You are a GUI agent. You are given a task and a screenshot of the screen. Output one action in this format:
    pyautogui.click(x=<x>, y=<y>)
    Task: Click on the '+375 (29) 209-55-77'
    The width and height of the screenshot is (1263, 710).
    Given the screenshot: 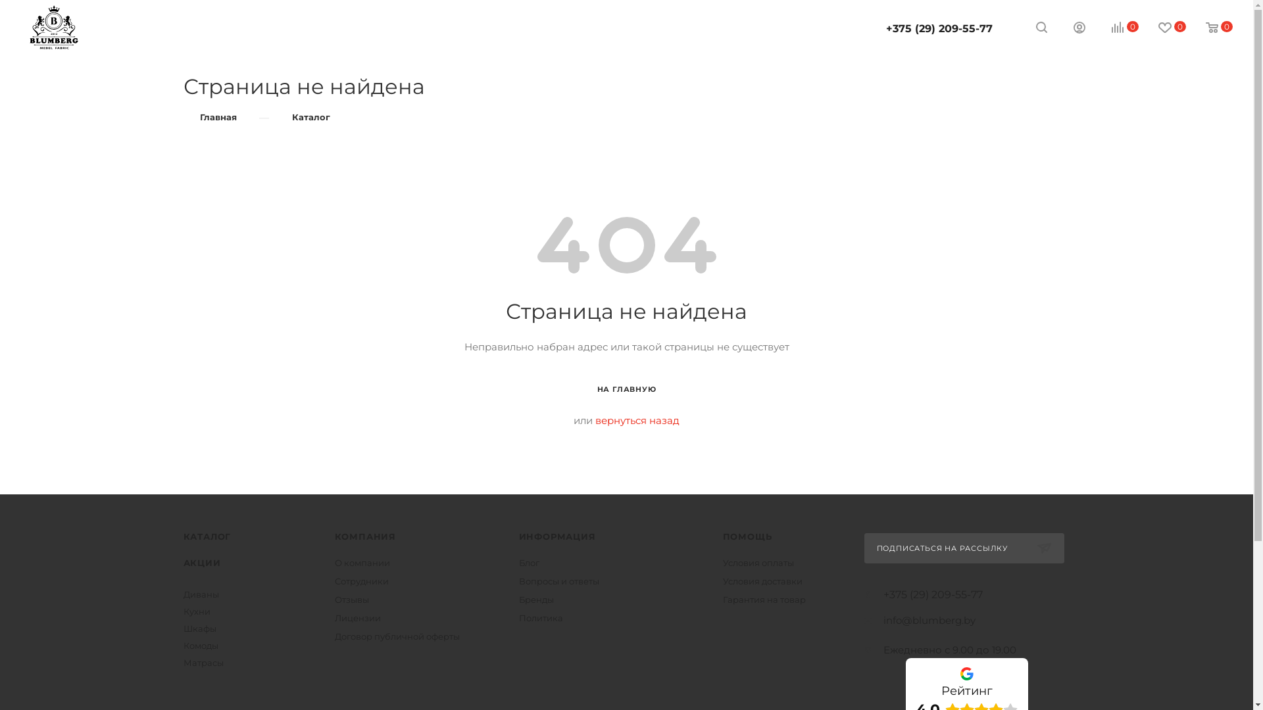 What is the action you would take?
    pyautogui.click(x=938, y=28)
    